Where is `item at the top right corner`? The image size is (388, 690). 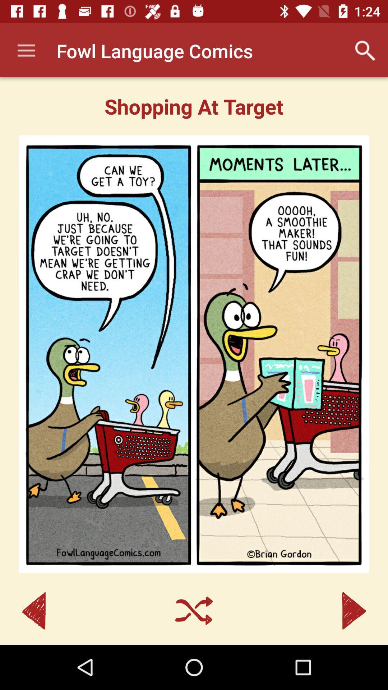
item at the top right corner is located at coordinates (365, 50).